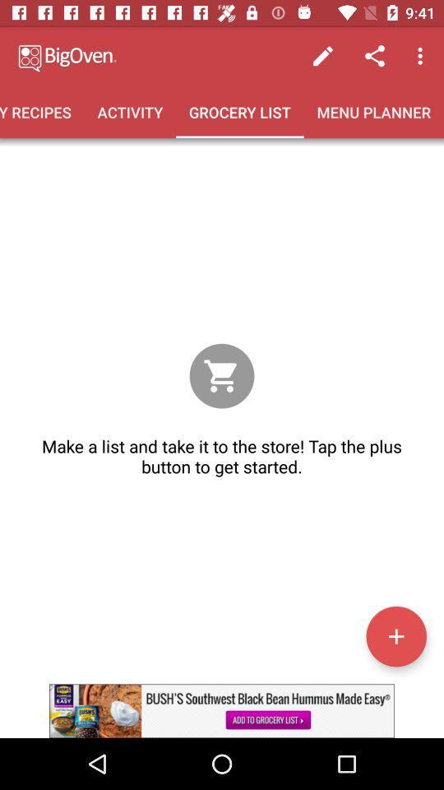 Image resolution: width=444 pixels, height=790 pixels. I want to click on start a new grocery list, so click(395, 635).